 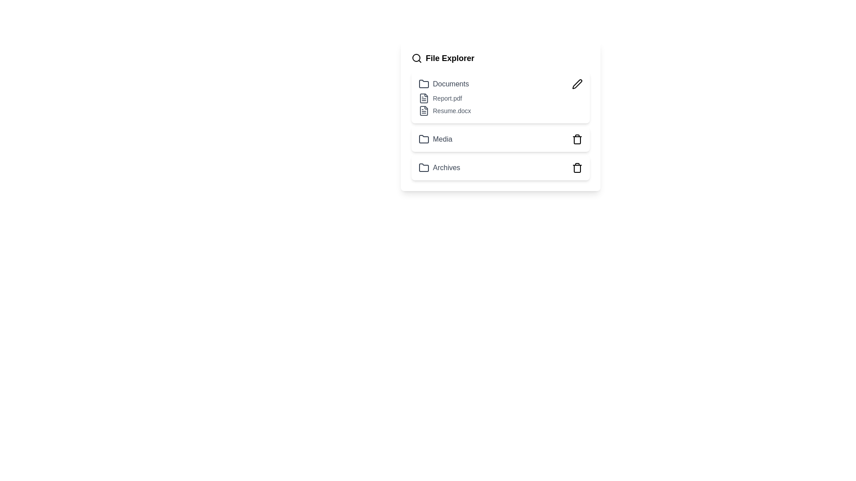 What do you see at coordinates (416, 58) in the screenshot?
I see `the SVG Circle that represents the lens of a magnifying glass in the top left corner of the 'File Explorer' section` at bounding box center [416, 58].